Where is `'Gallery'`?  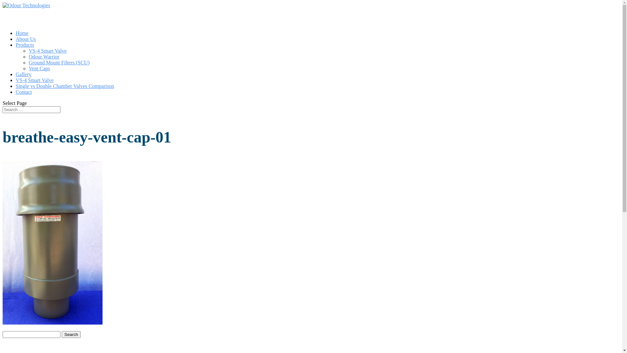 'Gallery' is located at coordinates (24, 82).